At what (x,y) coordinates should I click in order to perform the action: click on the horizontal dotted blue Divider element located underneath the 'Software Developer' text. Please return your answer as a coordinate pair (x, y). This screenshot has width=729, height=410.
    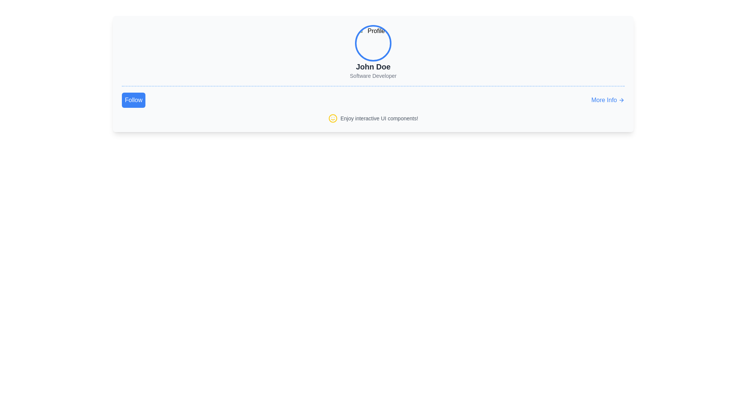
    Looking at the image, I should click on (373, 86).